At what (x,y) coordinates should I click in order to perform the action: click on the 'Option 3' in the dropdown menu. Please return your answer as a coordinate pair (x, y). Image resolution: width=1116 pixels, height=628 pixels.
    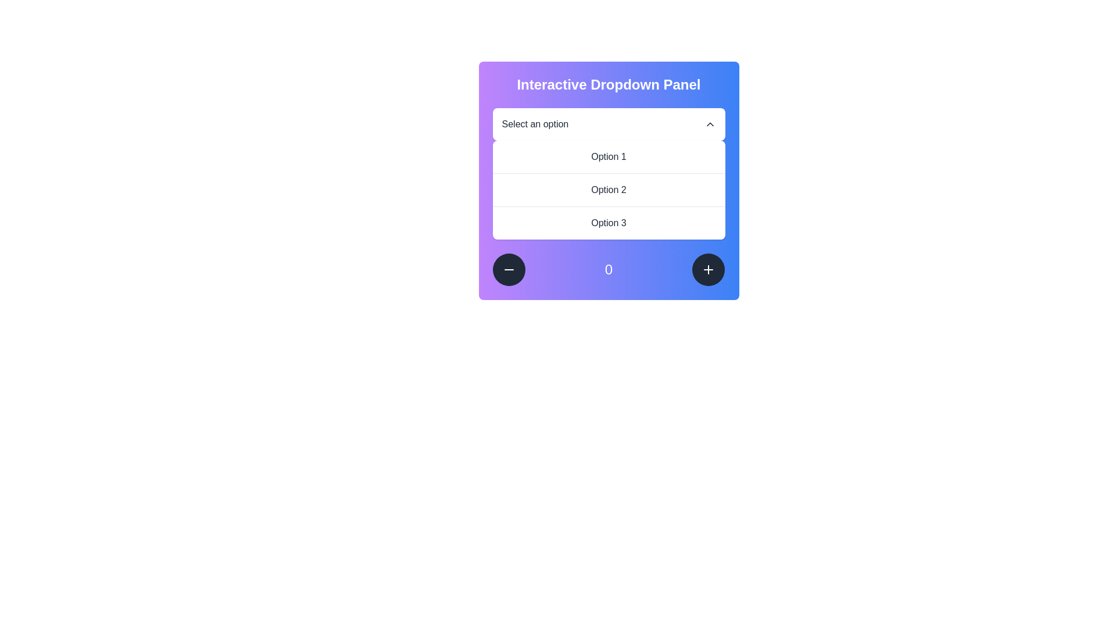
    Looking at the image, I should click on (608, 223).